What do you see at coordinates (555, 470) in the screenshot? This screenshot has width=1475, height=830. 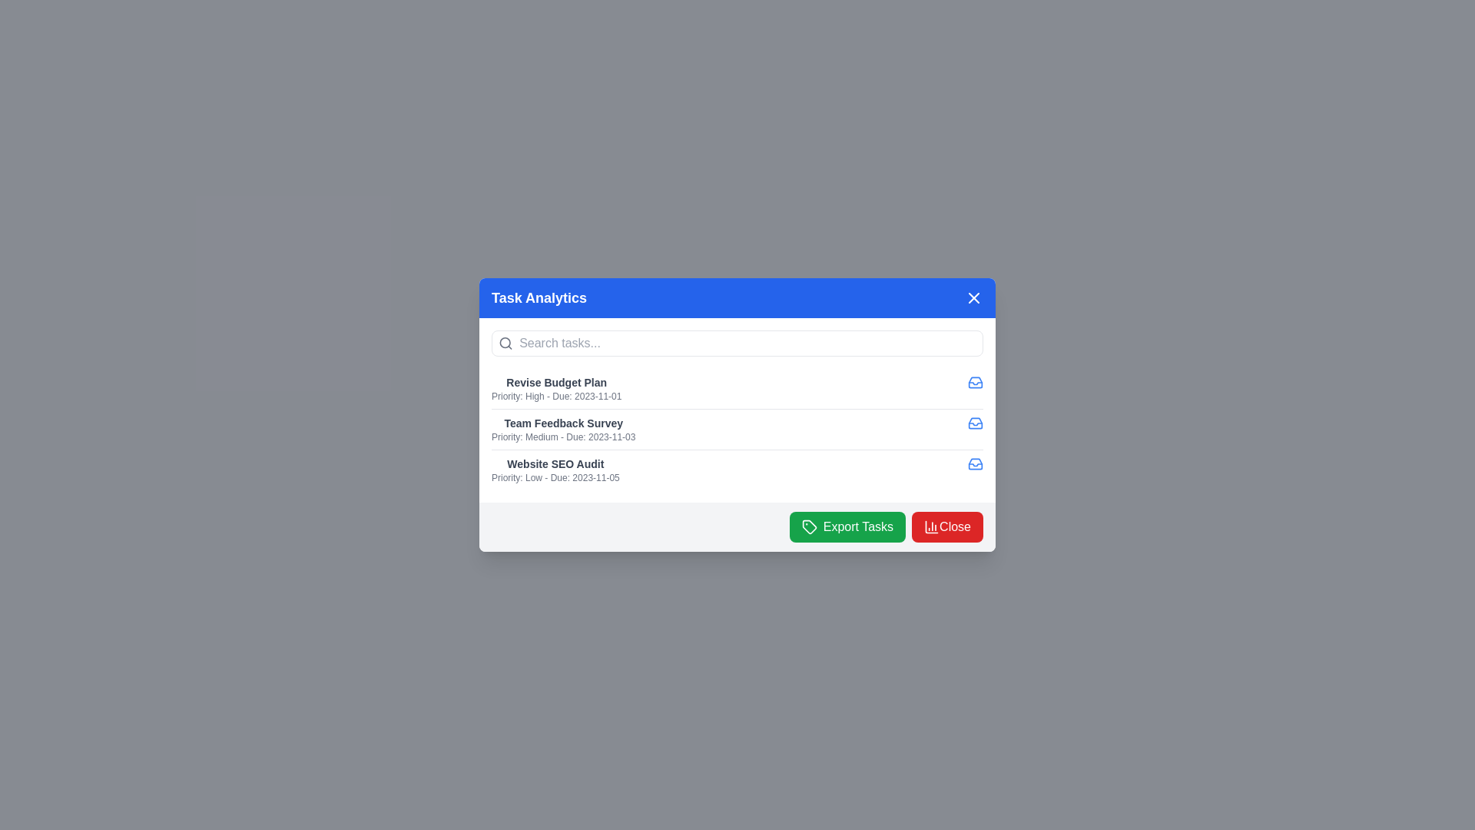 I see `displayed text from the Text Label that shows the task name, priority level, and due date, located within the third task entry in the 'Task Analytics' list` at bounding box center [555, 470].